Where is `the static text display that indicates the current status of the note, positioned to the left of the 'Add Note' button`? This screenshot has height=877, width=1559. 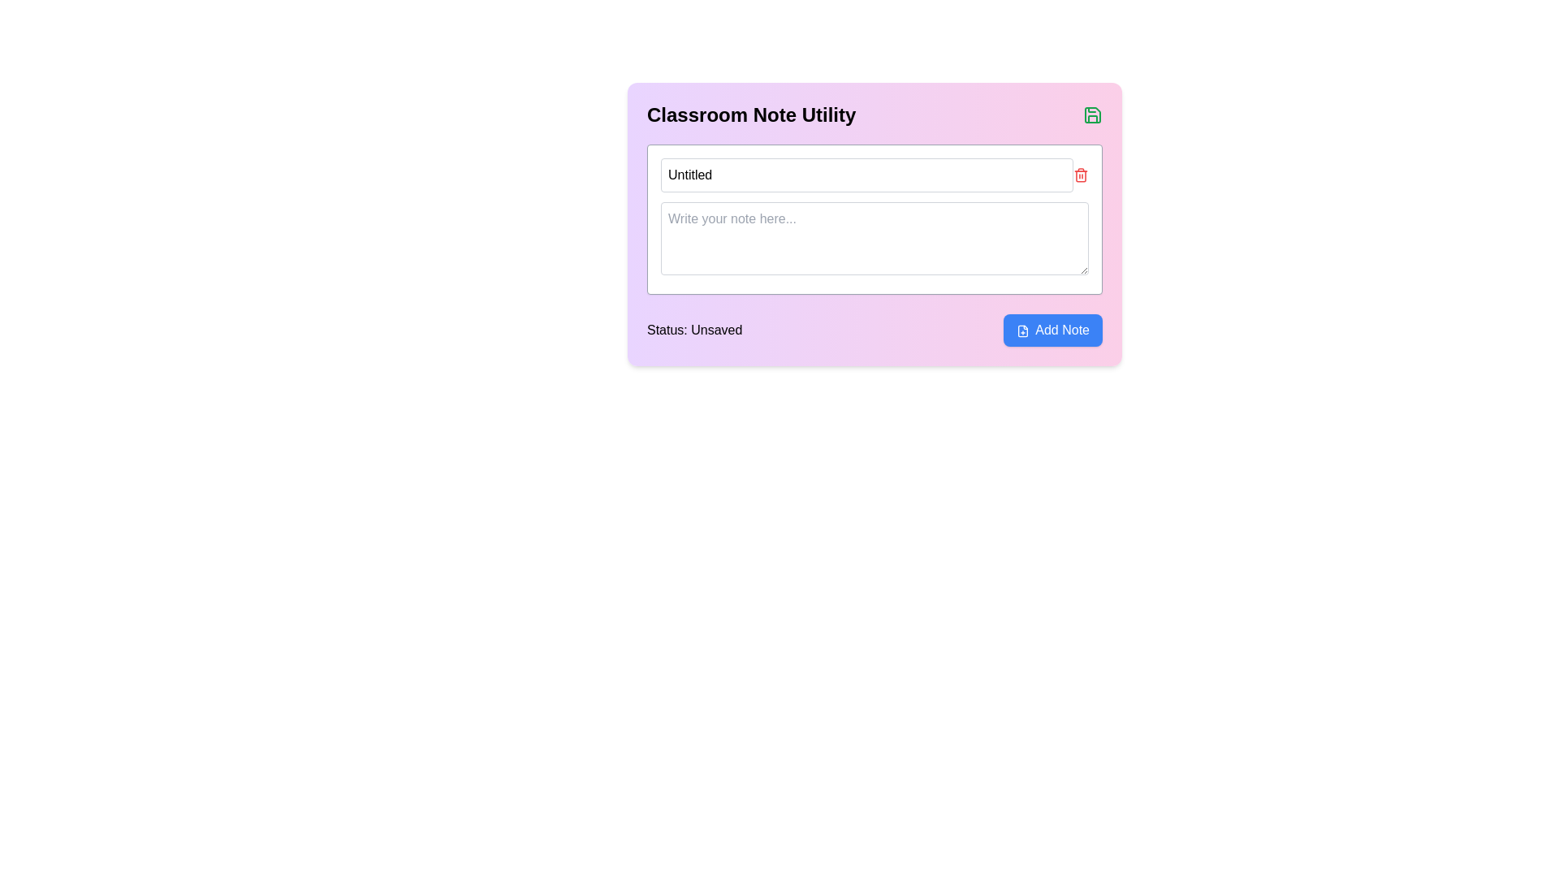
the static text display that indicates the current status of the note, positioned to the left of the 'Add Note' button is located at coordinates (694, 330).